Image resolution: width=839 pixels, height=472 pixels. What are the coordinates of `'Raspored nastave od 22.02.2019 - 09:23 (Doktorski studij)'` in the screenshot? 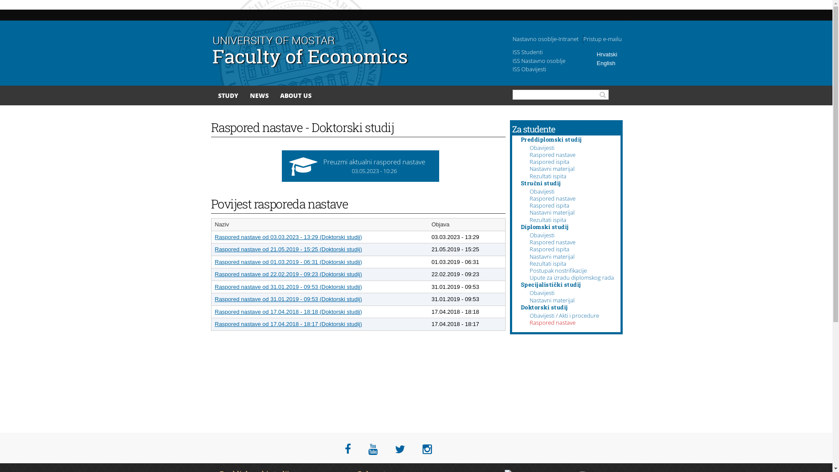 It's located at (288, 274).